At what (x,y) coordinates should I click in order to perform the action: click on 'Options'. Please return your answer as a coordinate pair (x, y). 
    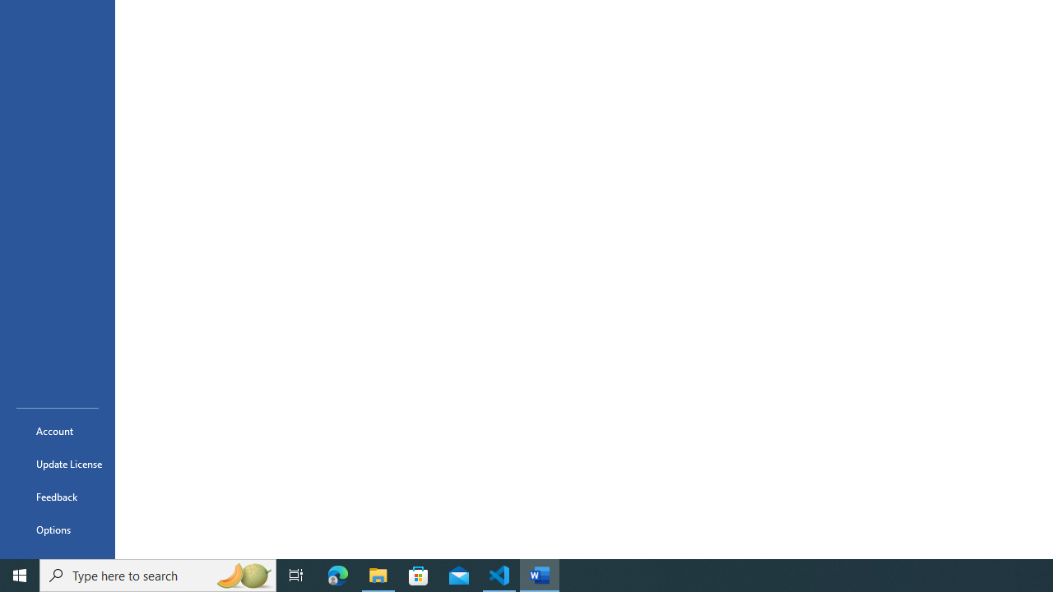
    Looking at the image, I should click on (57, 530).